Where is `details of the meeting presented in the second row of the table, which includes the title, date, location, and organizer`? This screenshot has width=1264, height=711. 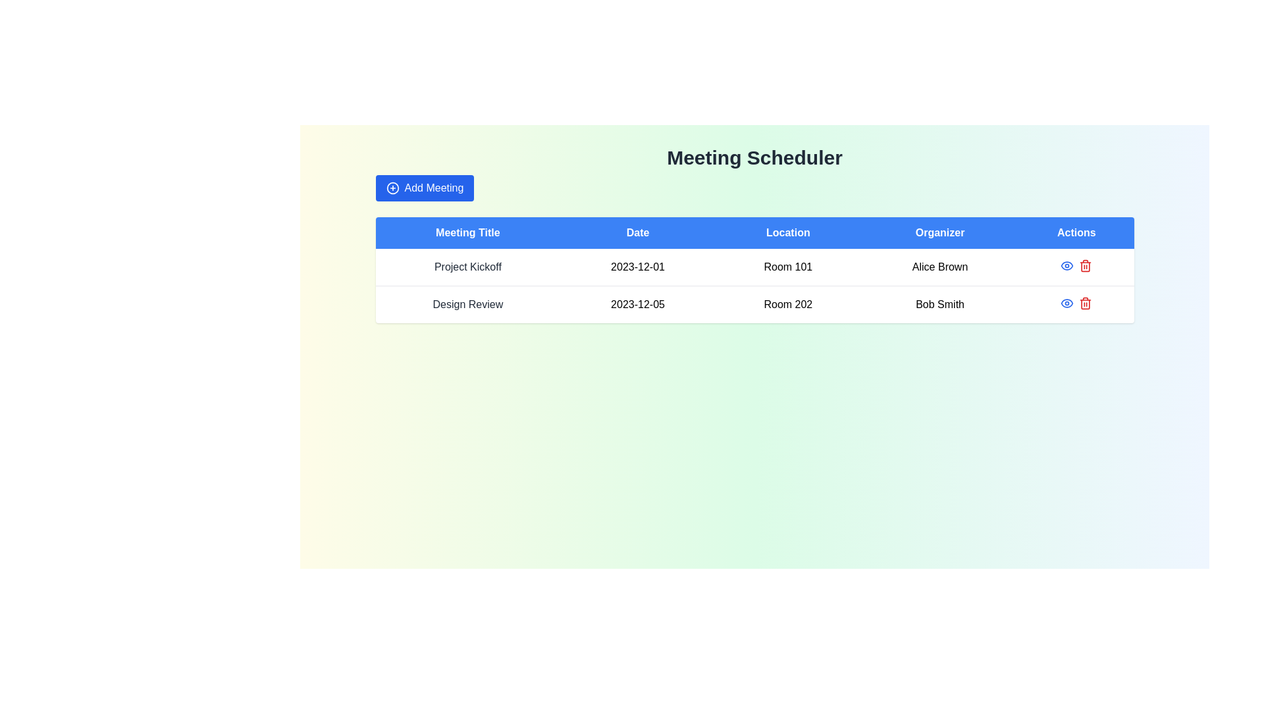 details of the meeting presented in the second row of the table, which includes the title, date, location, and organizer is located at coordinates (754, 304).